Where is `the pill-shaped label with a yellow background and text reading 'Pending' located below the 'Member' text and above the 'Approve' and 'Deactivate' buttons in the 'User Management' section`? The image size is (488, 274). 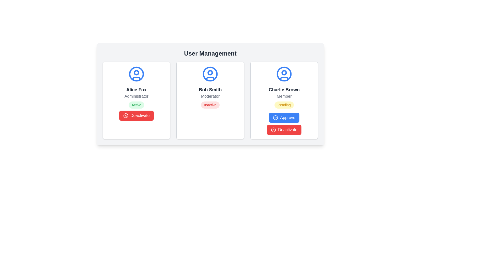 the pill-shaped label with a yellow background and text reading 'Pending' located below the 'Member' text and above the 'Approve' and 'Deactivate' buttons in the 'User Management' section is located at coordinates (284, 105).